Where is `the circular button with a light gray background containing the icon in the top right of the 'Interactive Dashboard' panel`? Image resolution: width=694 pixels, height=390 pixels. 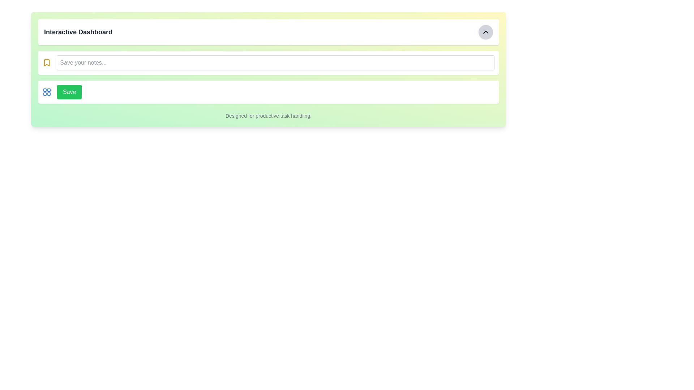
the circular button with a light gray background containing the icon in the top right of the 'Interactive Dashboard' panel is located at coordinates (486, 31).